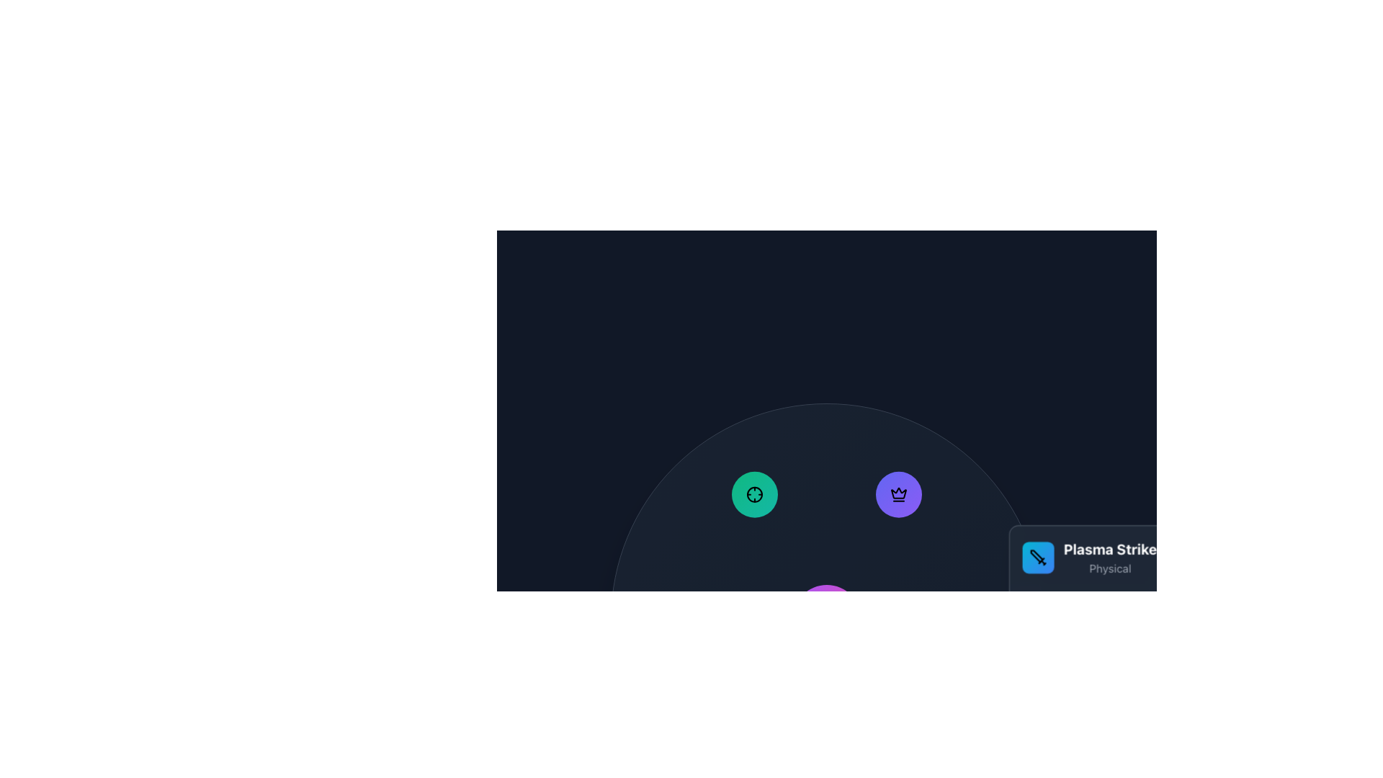 This screenshot has height=778, width=1383. What do you see at coordinates (1038, 557) in the screenshot?
I see `the square-shaped button with rounded edges displaying a sword icon, located to the left of the 'Plasma Strike' and 'Physical' text components` at bounding box center [1038, 557].